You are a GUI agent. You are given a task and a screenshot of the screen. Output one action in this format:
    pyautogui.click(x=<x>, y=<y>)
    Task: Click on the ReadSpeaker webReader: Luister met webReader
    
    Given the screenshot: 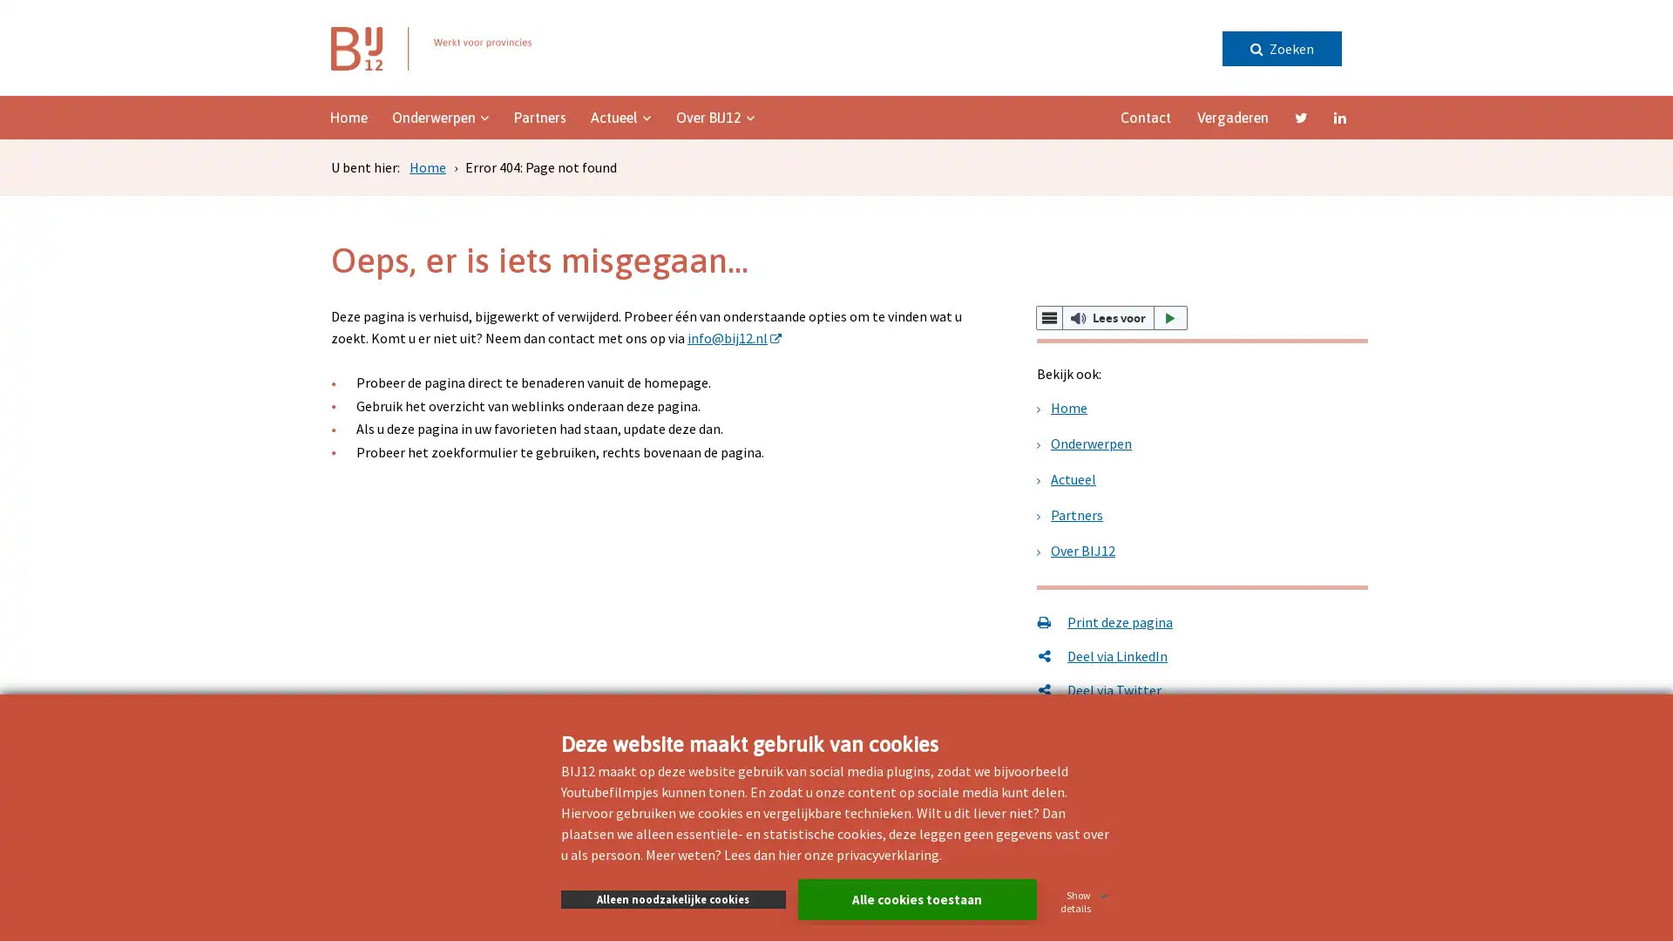 What is the action you would take?
    pyautogui.click(x=1111, y=318)
    